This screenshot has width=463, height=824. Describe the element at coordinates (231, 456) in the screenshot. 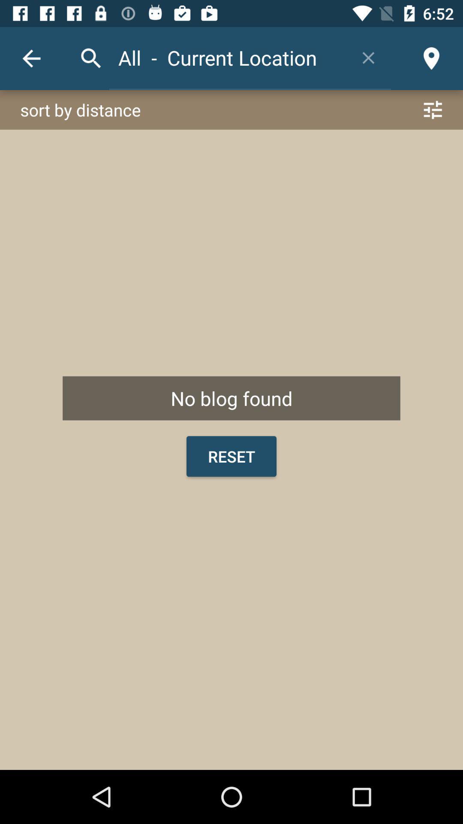

I see `the item below no blog found icon` at that location.